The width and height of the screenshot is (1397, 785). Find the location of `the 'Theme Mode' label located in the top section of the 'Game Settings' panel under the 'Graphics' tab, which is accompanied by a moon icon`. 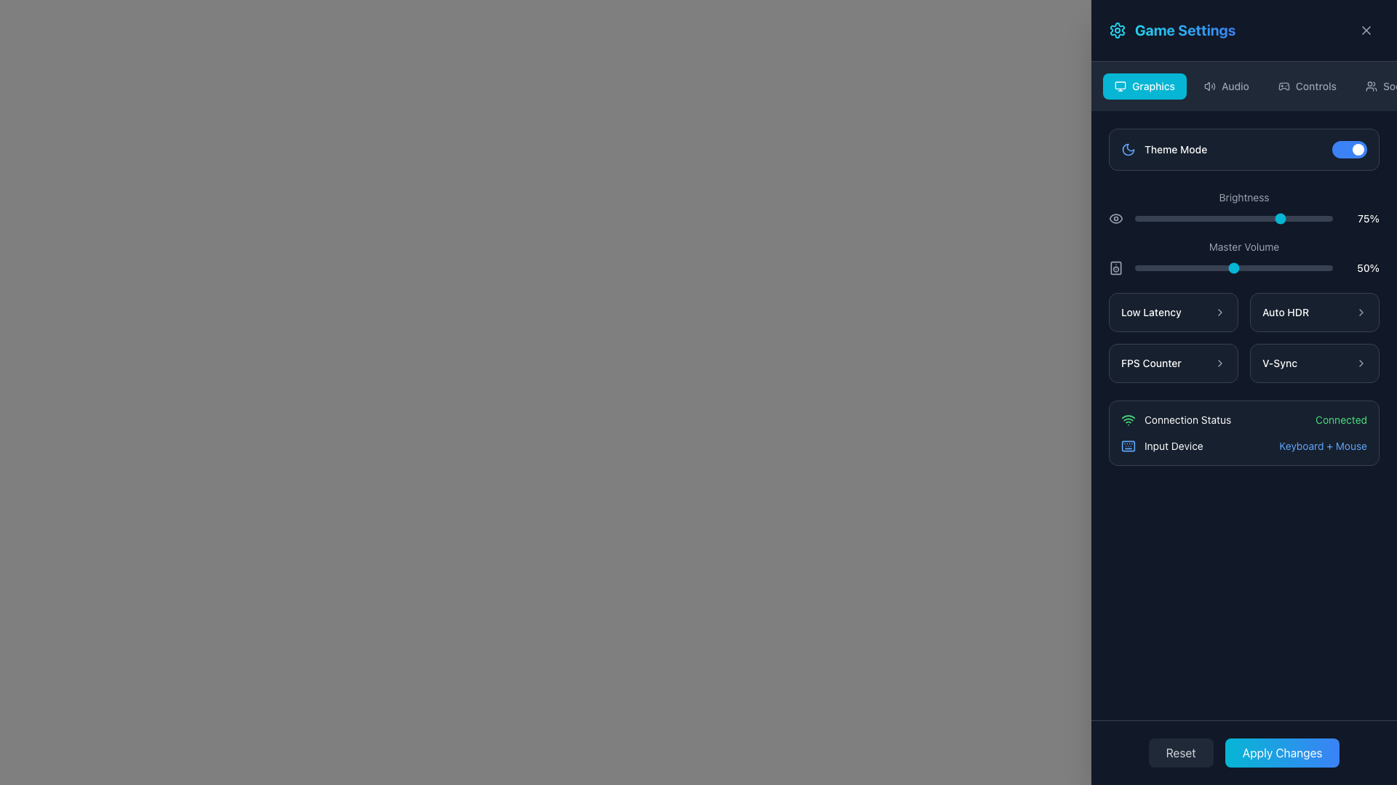

the 'Theme Mode' label located in the top section of the 'Game Settings' panel under the 'Graphics' tab, which is accompanied by a moon icon is located at coordinates (1164, 149).